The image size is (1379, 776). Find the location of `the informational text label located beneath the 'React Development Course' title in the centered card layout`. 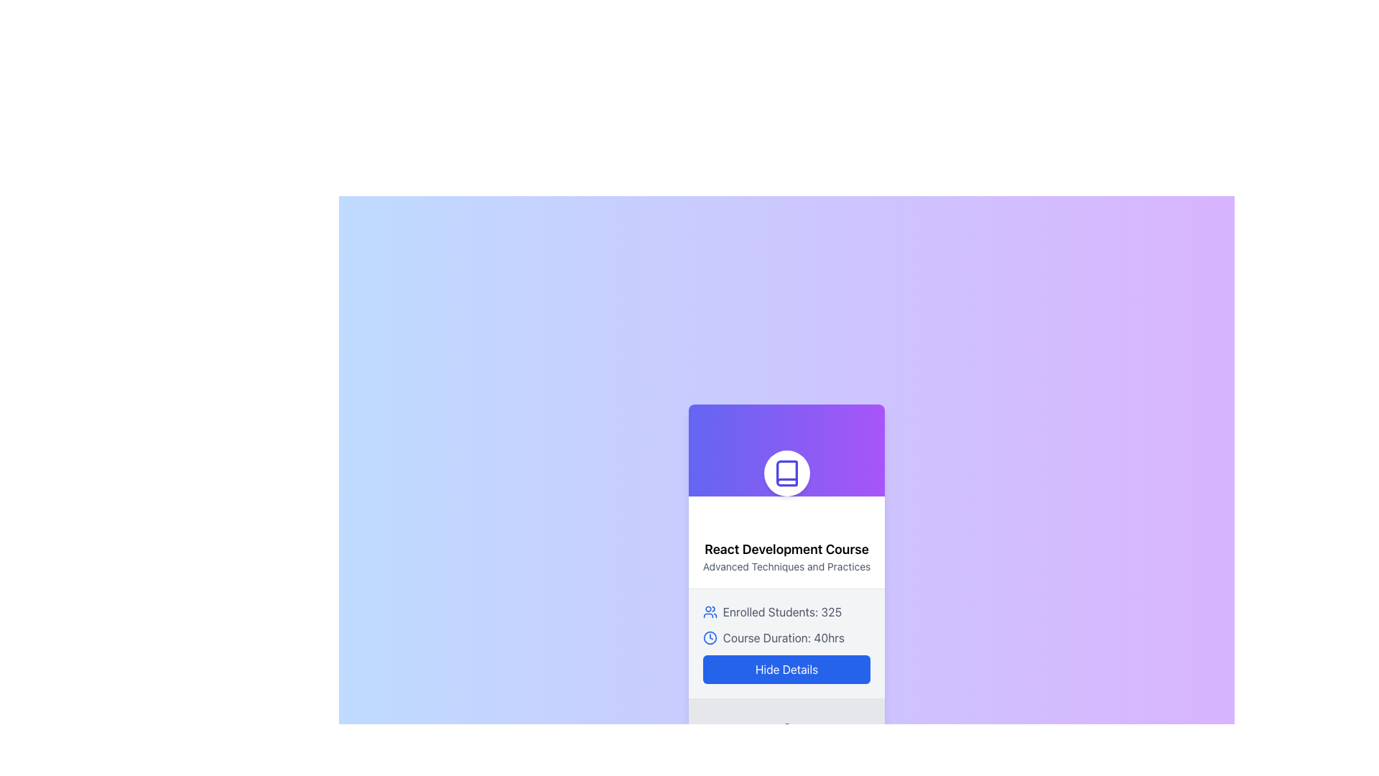

the informational text label located beneath the 'React Development Course' title in the centered card layout is located at coordinates (786, 566).